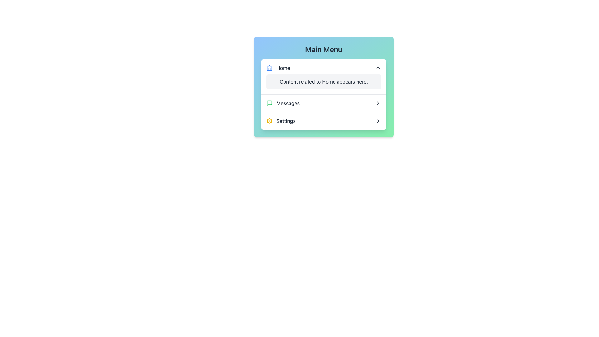  Describe the element at coordinates (288, 103) in the screenshot. I see `the 'Messages' text label, which is displayed in bold and medium-sized font on the menu interface, located below the 'Main Menu' header and to the right of a green chat-like icon` at that location.